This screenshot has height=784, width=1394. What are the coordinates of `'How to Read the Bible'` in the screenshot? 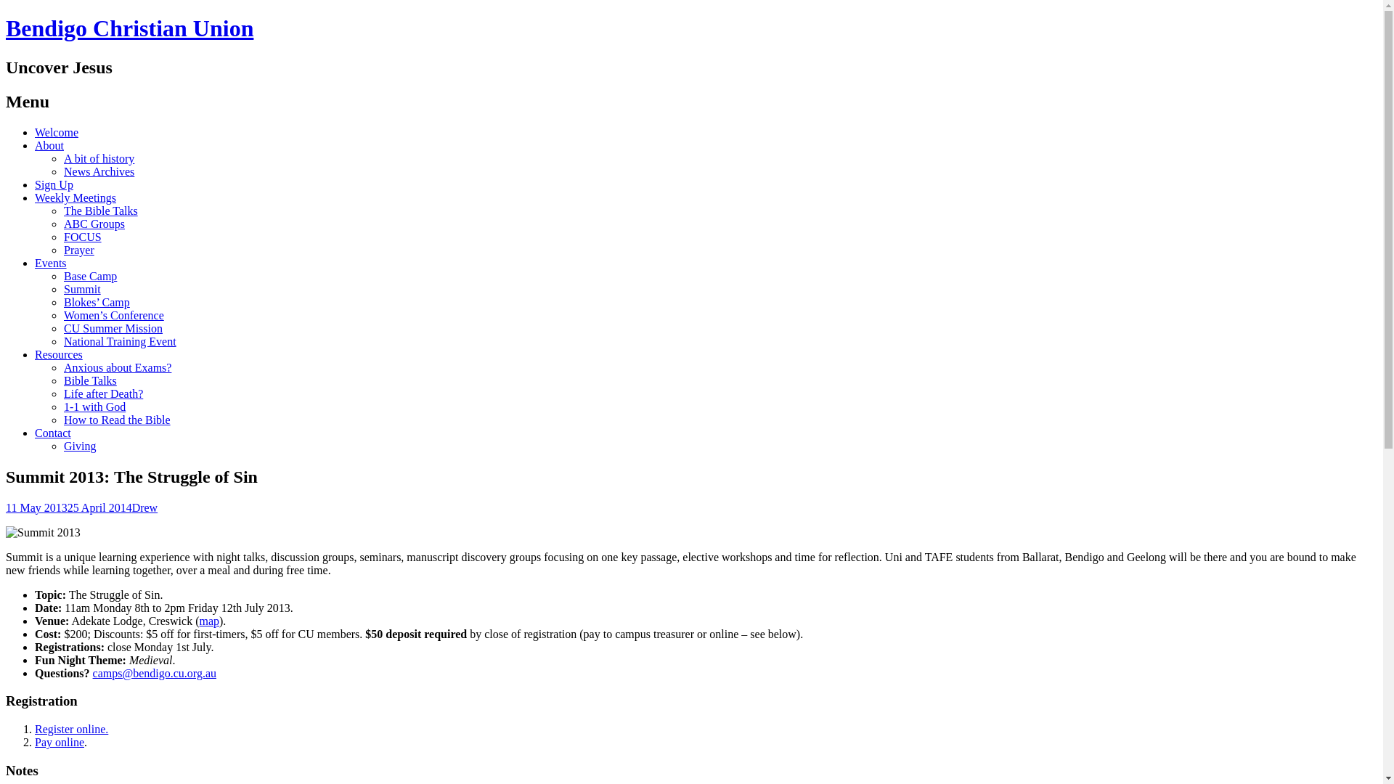 It's located at (117, 420).